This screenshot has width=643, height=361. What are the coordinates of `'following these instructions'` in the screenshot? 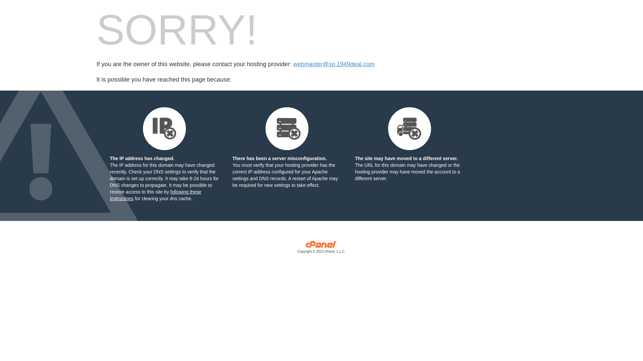 It's located at (155, 195).